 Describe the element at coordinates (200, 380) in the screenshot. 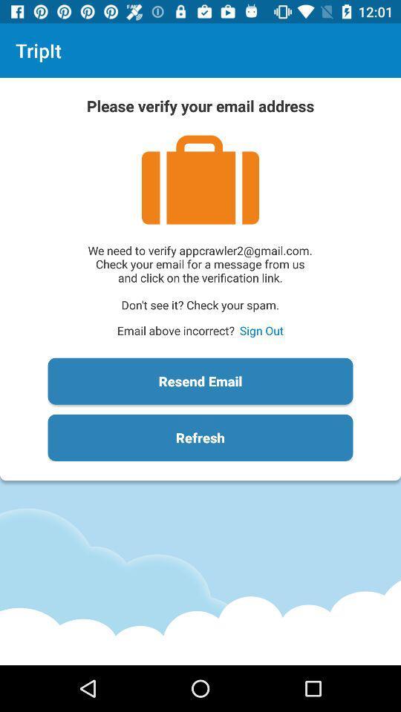

I see `resend email` at that location.